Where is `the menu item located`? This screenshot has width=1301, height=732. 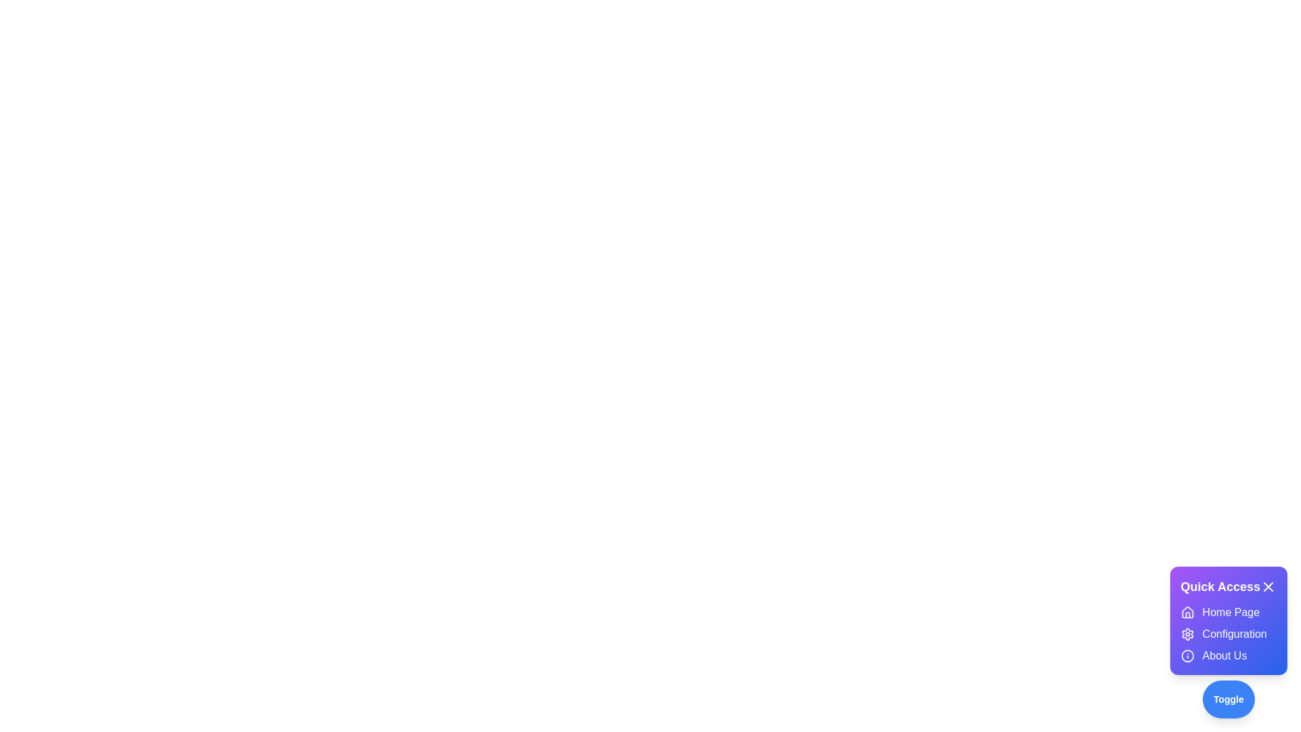
the menu item located is located at coordinates (1228, 634).